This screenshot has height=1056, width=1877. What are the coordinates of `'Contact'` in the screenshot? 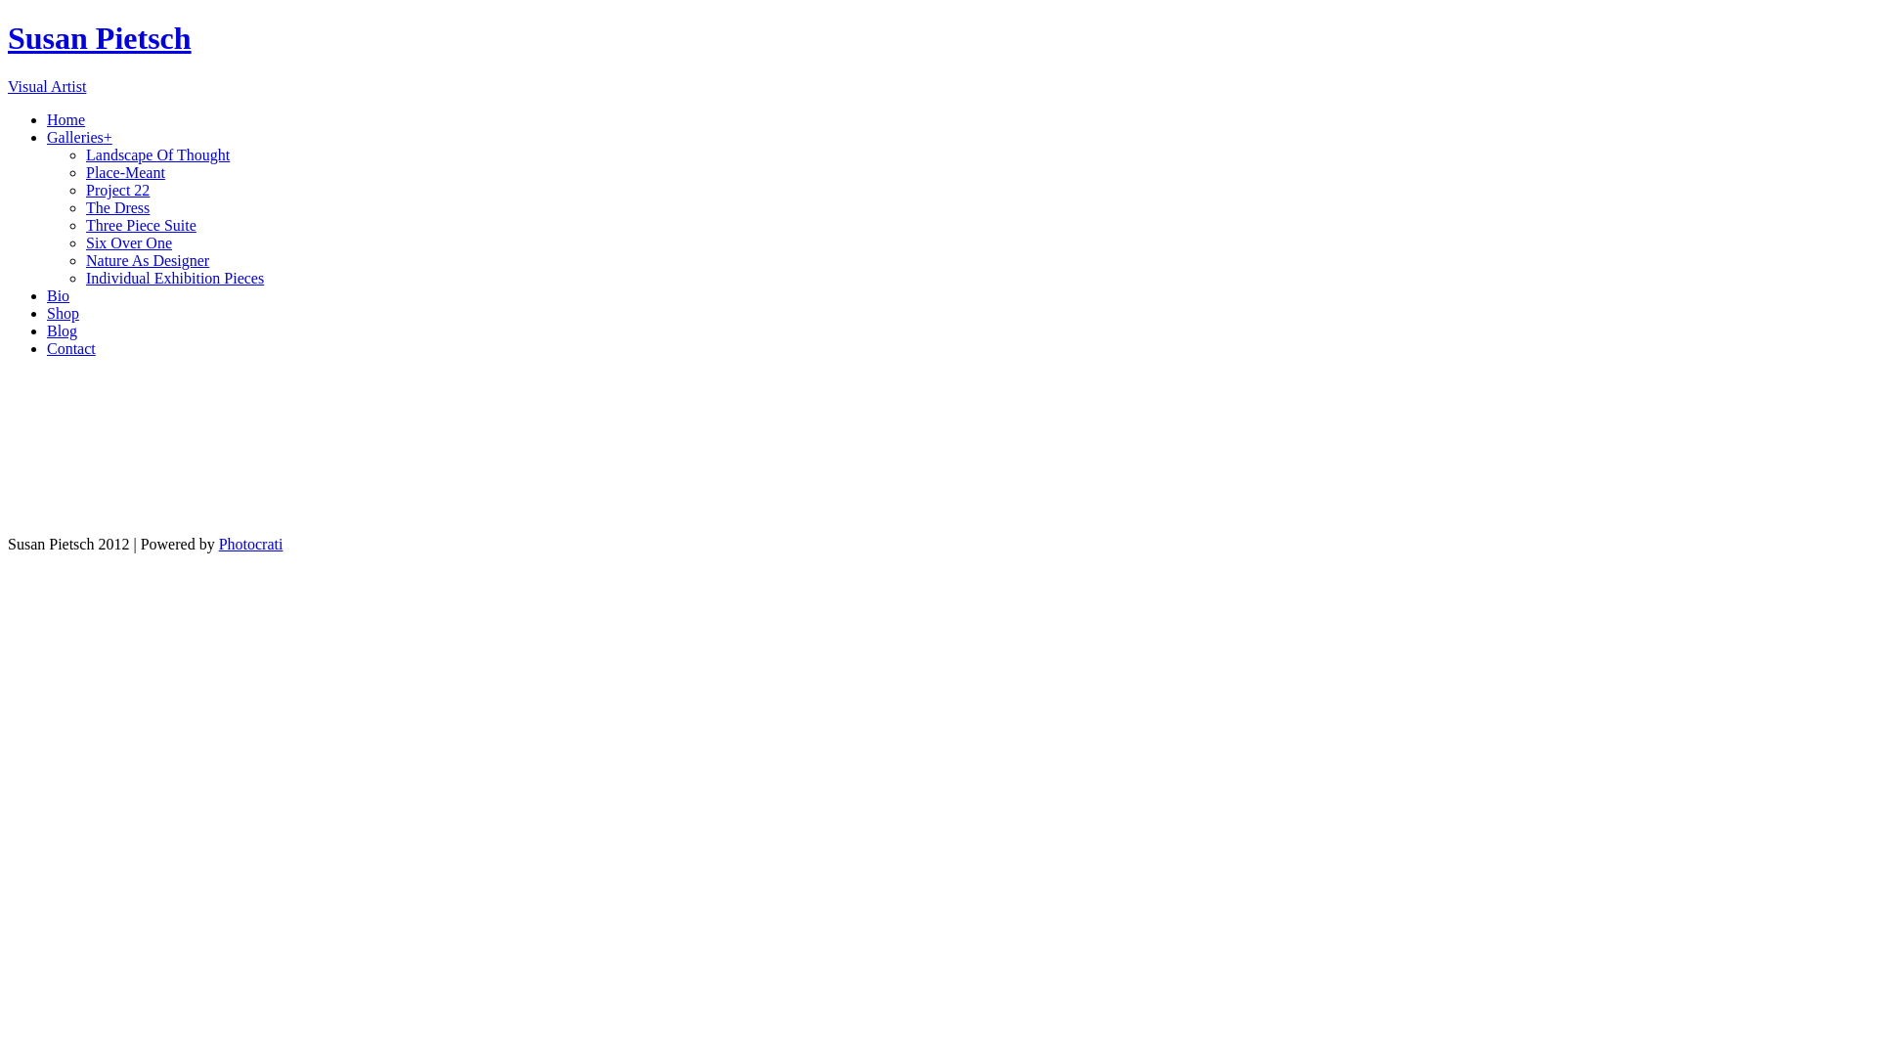 It's located at (70, 347).